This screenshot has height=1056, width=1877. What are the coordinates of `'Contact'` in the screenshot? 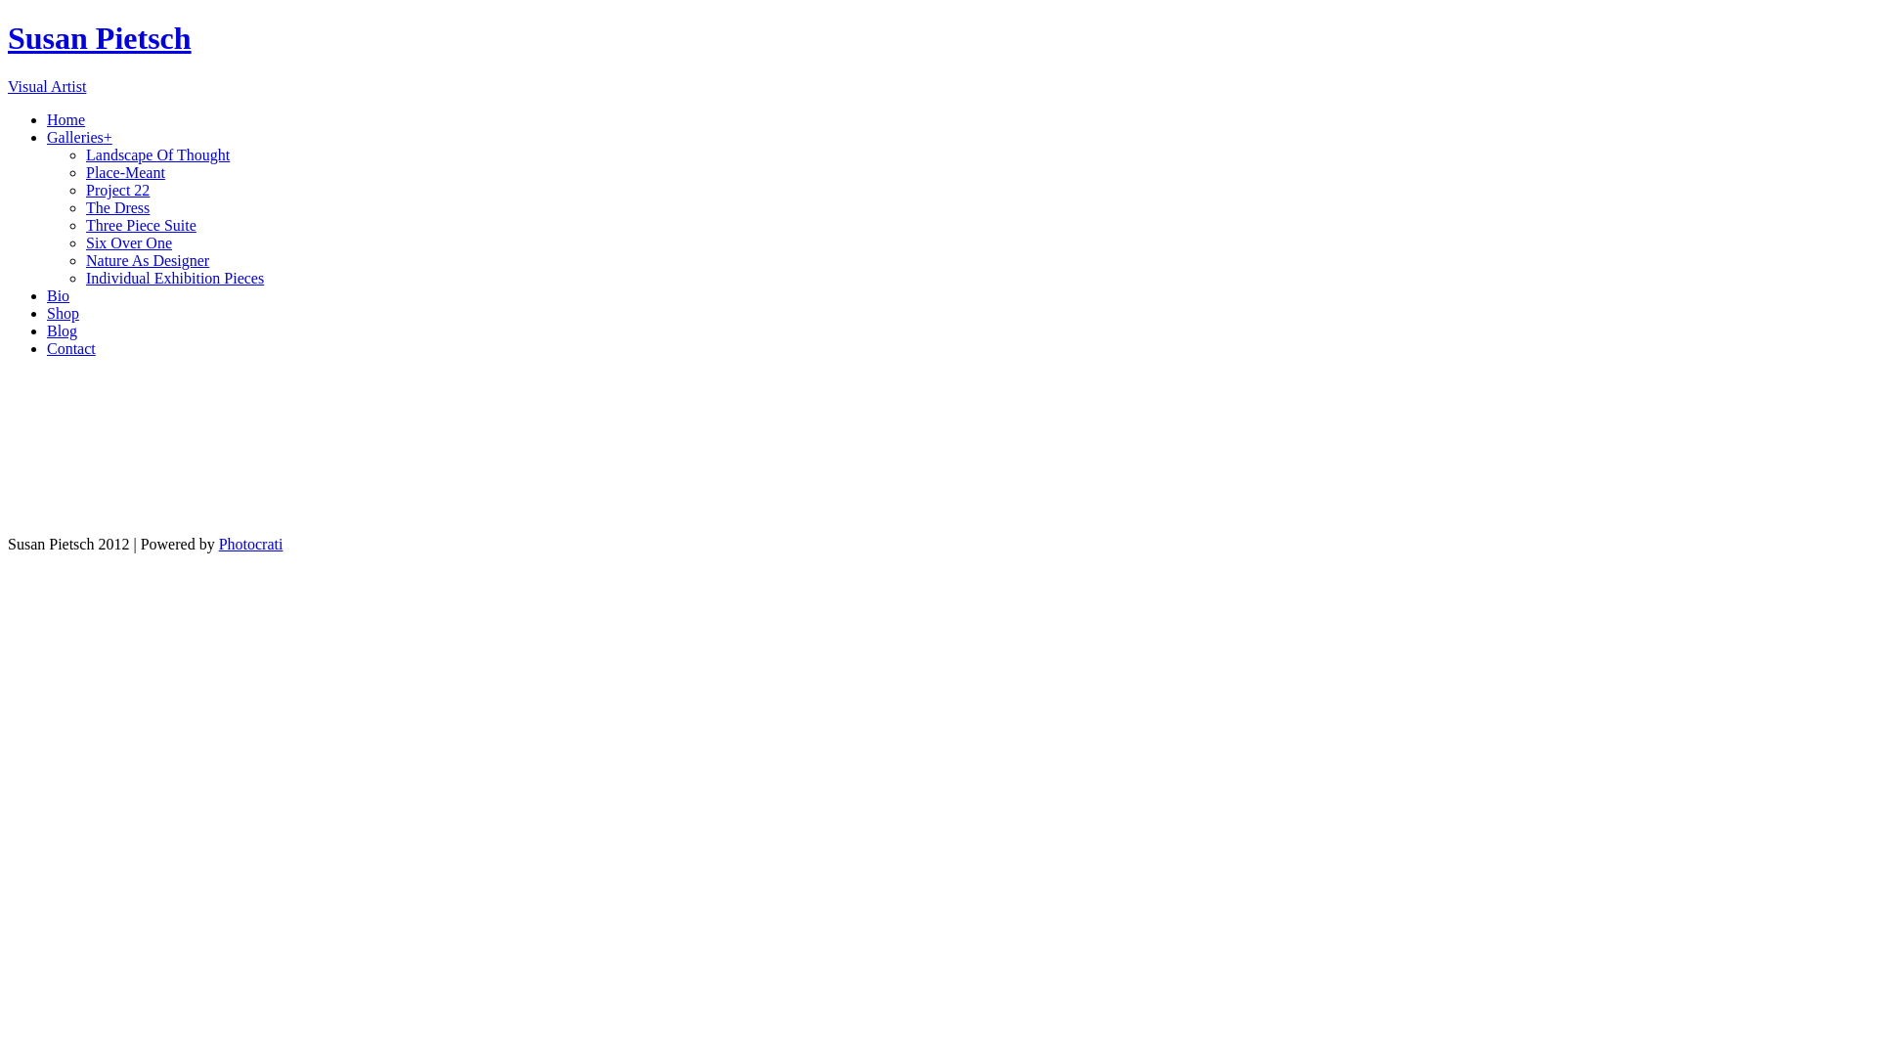 It's located at (70, 347).